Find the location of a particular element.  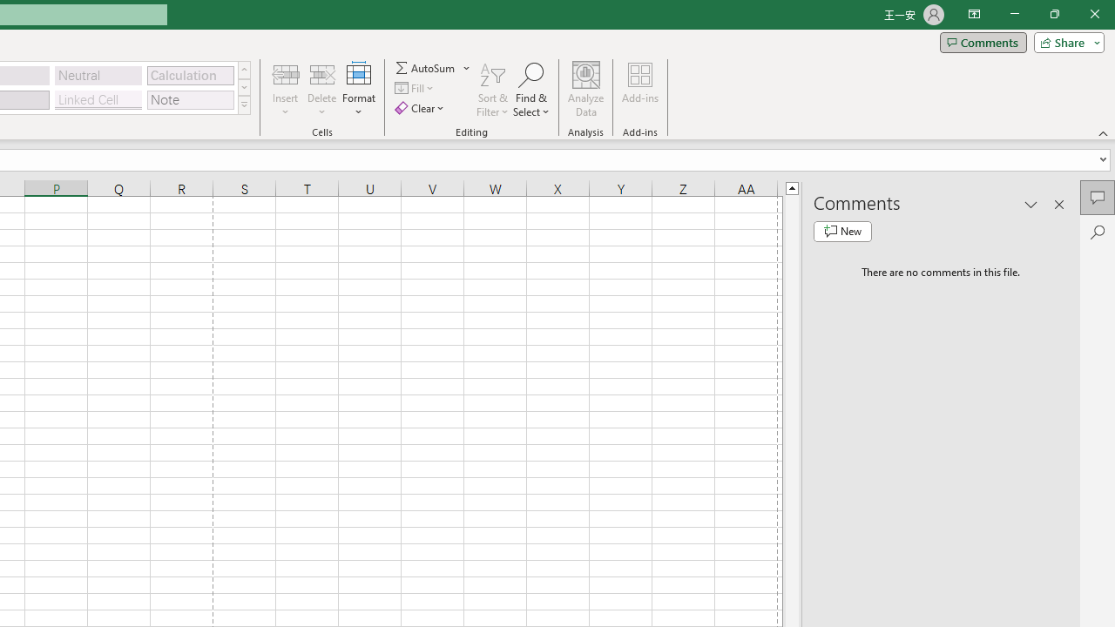

'Delete Cells...' is located at coordinates (321, 73).